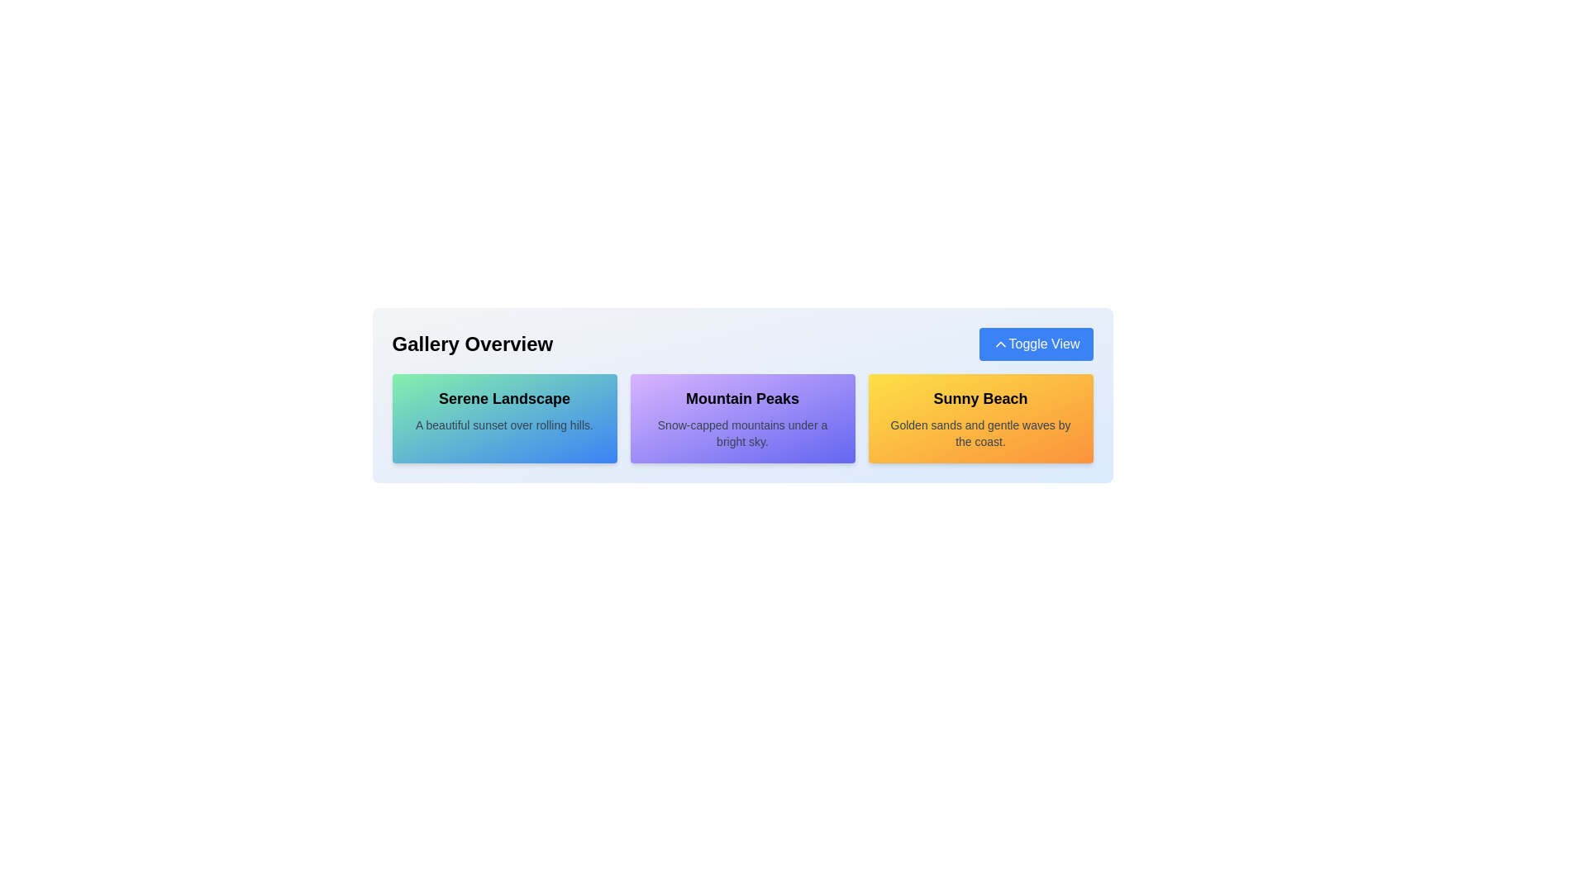  Describe the element at coordinates (503, 417) in the screenshot. I see `the text block that has a gradient background transitioning from green to blue, containing the title 'Serene Landscape' and description 'A beautiful sunset over rolling hills.'` at that location.